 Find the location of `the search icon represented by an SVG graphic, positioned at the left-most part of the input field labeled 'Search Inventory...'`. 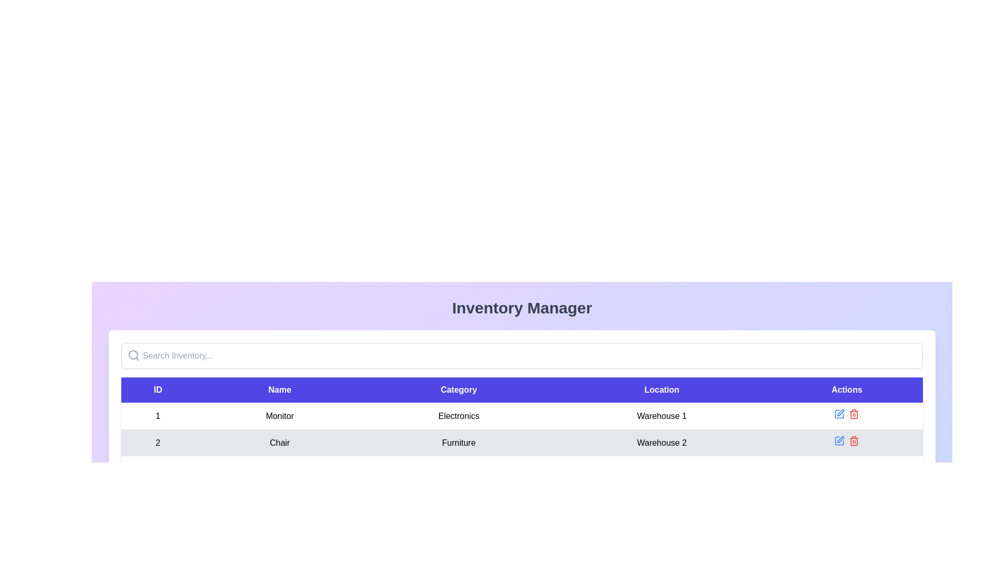

the search icon represented by an SVG graphic, positioned at the left-most part of the input field labeled 'Search Inventory...' is located at coordinates (133, 355).